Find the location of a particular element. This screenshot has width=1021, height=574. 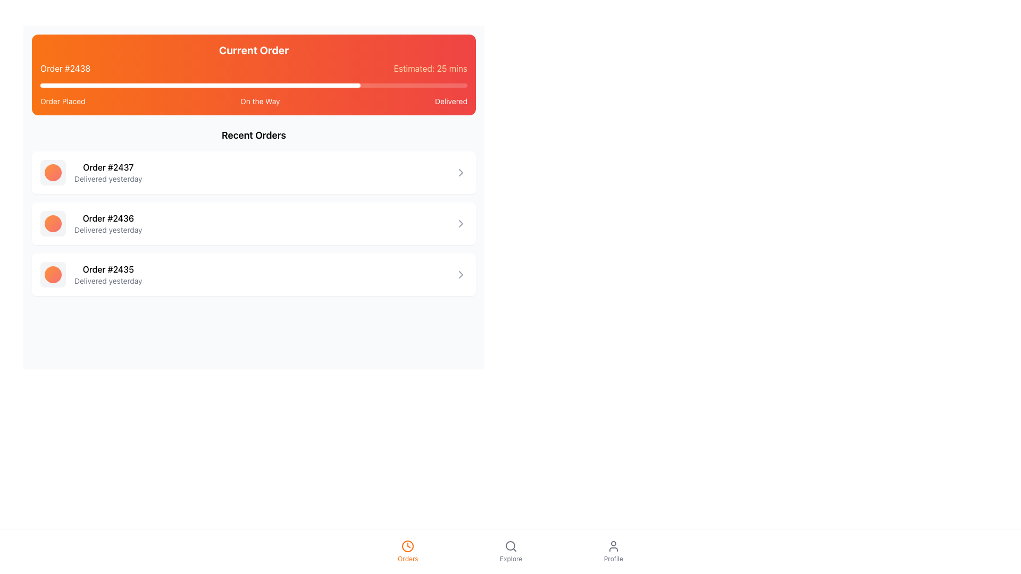

the text in the Text display area that shows 'Order #2436' and 'Delivered yesterday' for copying is located at coordinates (108, 223).